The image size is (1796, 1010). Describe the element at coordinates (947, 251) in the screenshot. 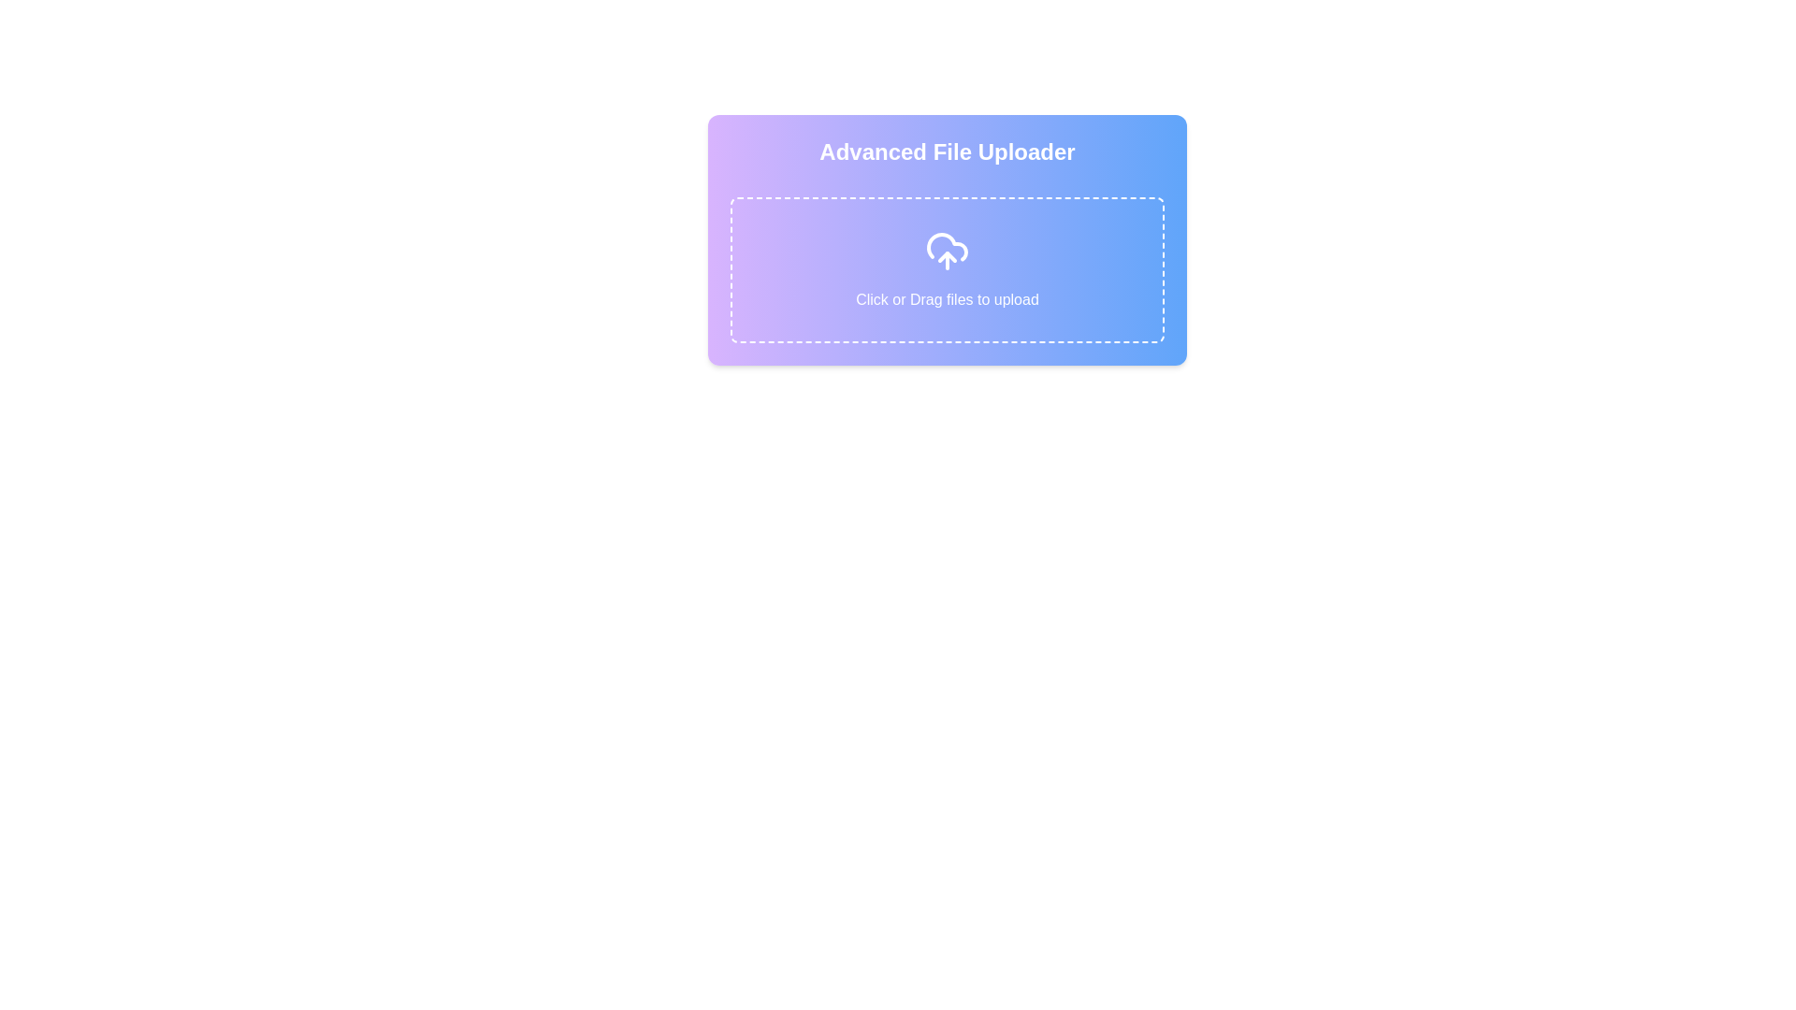

I see `the white cloud upload icon, which features a stylized cloud outline and an upward arrow, located centrally within a dashed rectangular area with a gradient blue and purple background` at that location.